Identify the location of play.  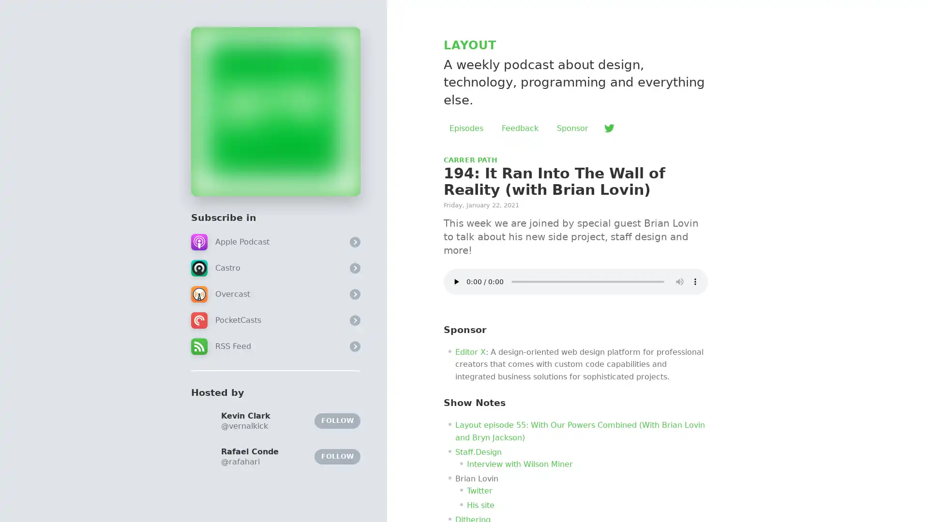
(455, 281).